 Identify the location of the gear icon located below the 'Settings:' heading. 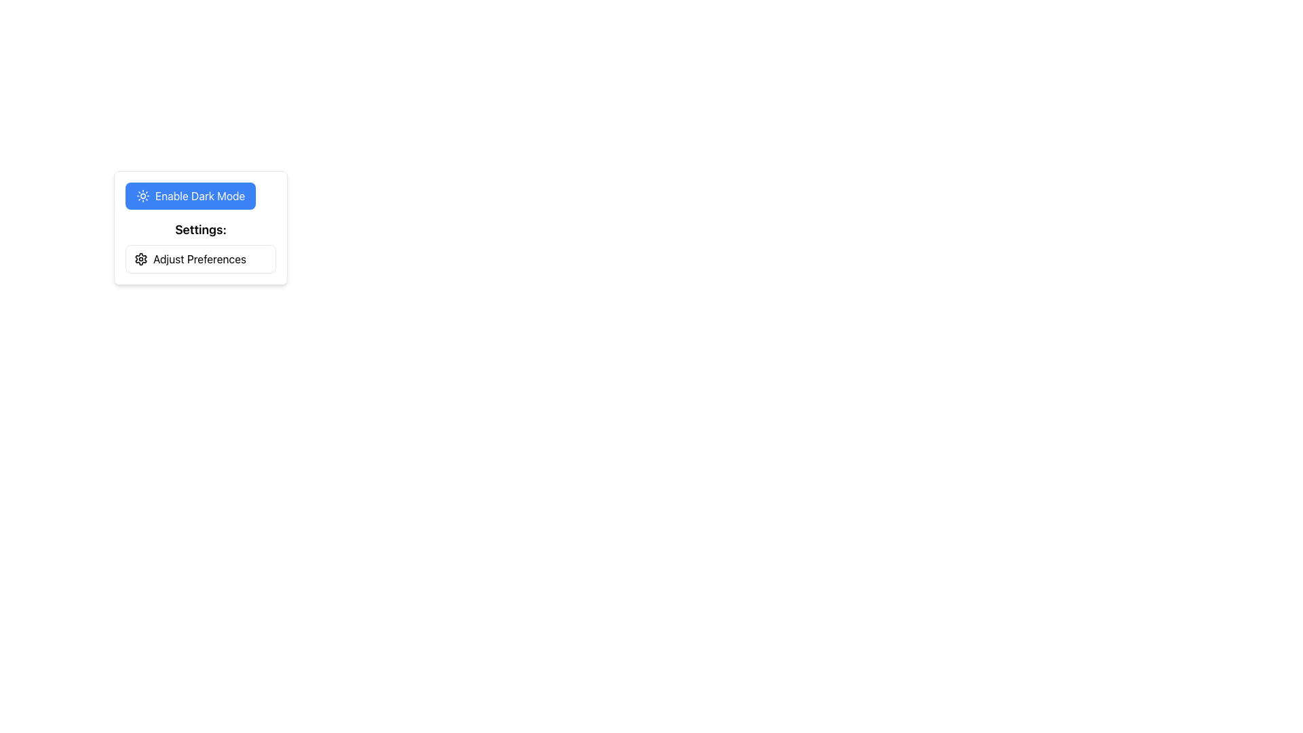
(140, 259).